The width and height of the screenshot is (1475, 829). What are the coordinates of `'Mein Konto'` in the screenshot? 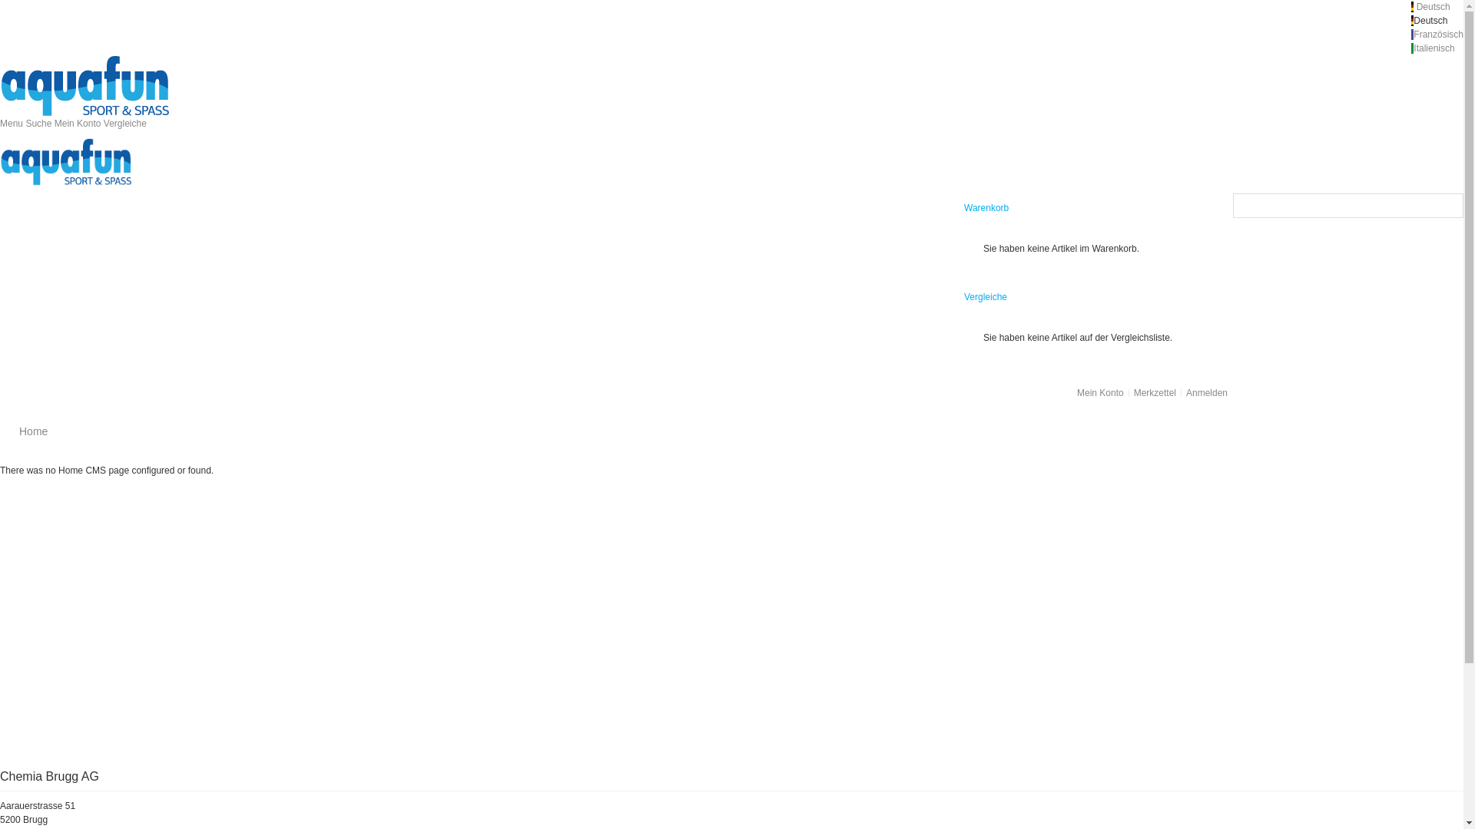 It's located at (78, 123).